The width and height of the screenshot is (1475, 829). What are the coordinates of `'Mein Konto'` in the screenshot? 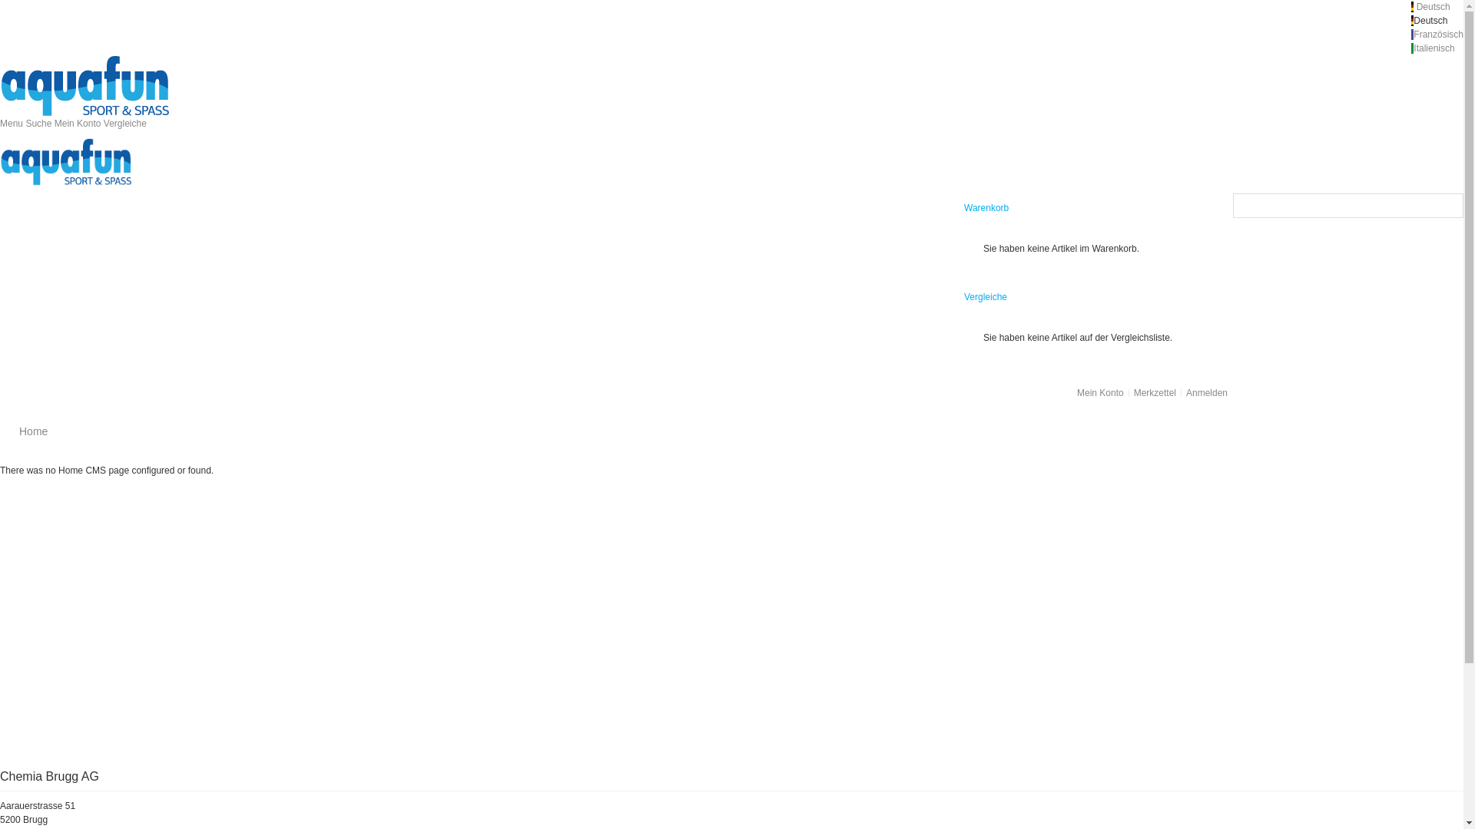 It's located at (78, 123).